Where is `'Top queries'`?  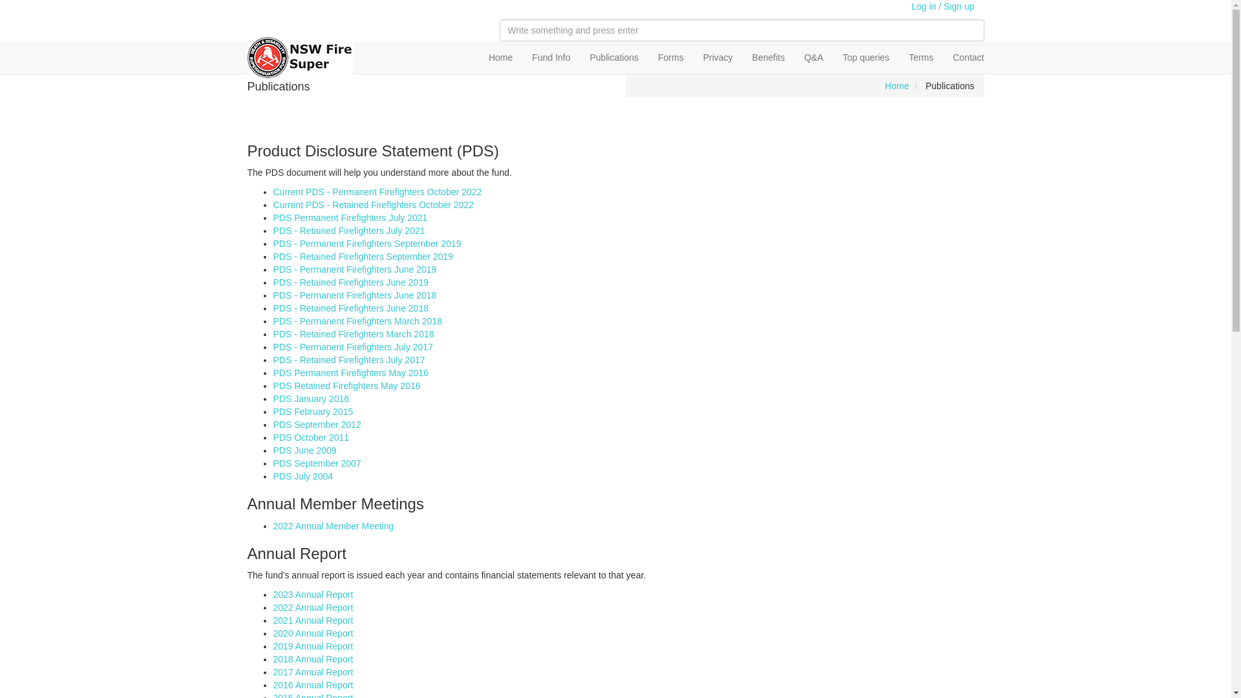 'Top queries' is located at coordinates (865, 56).